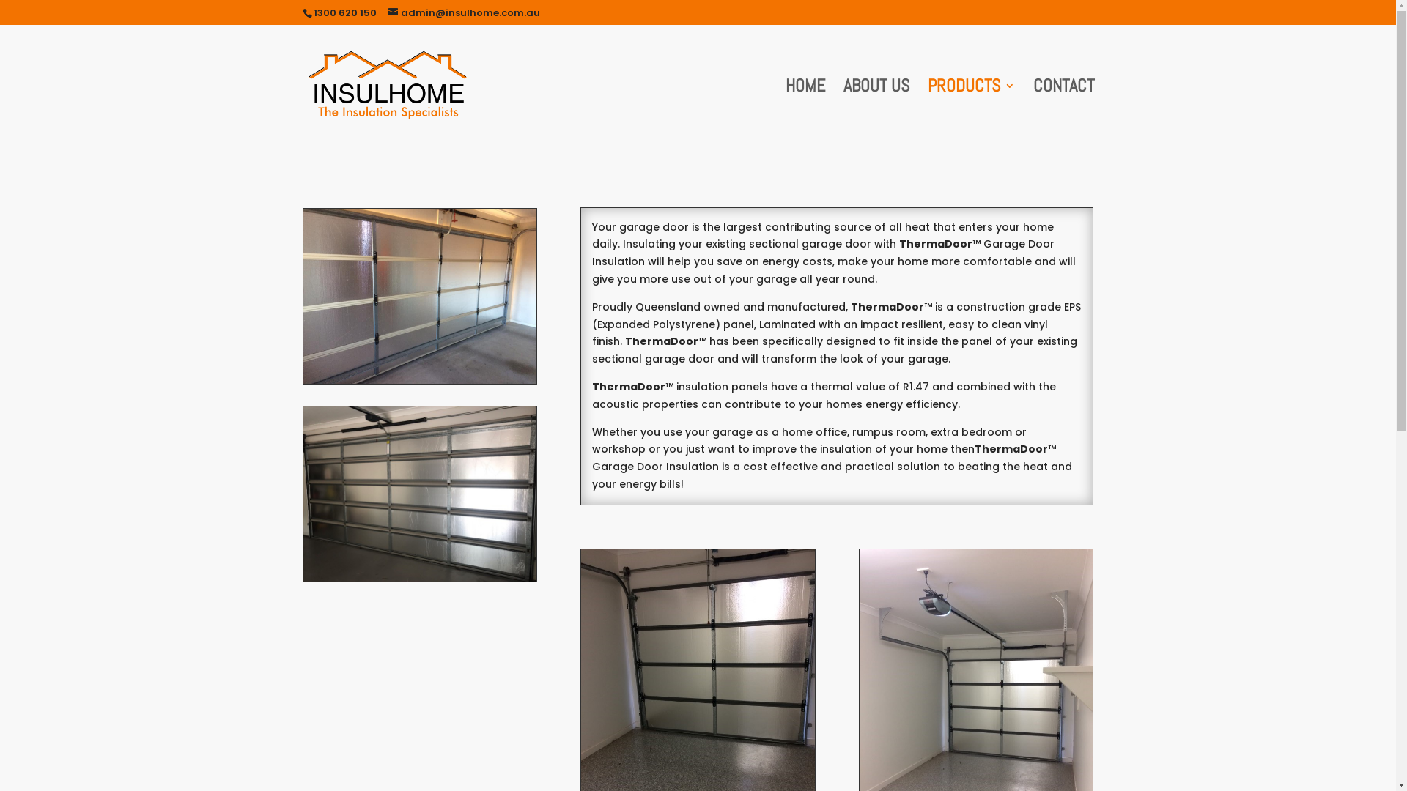 The width and height of the screenshot is (1407, 791). I want to click on 'ABOUT US', so click(876, 112).